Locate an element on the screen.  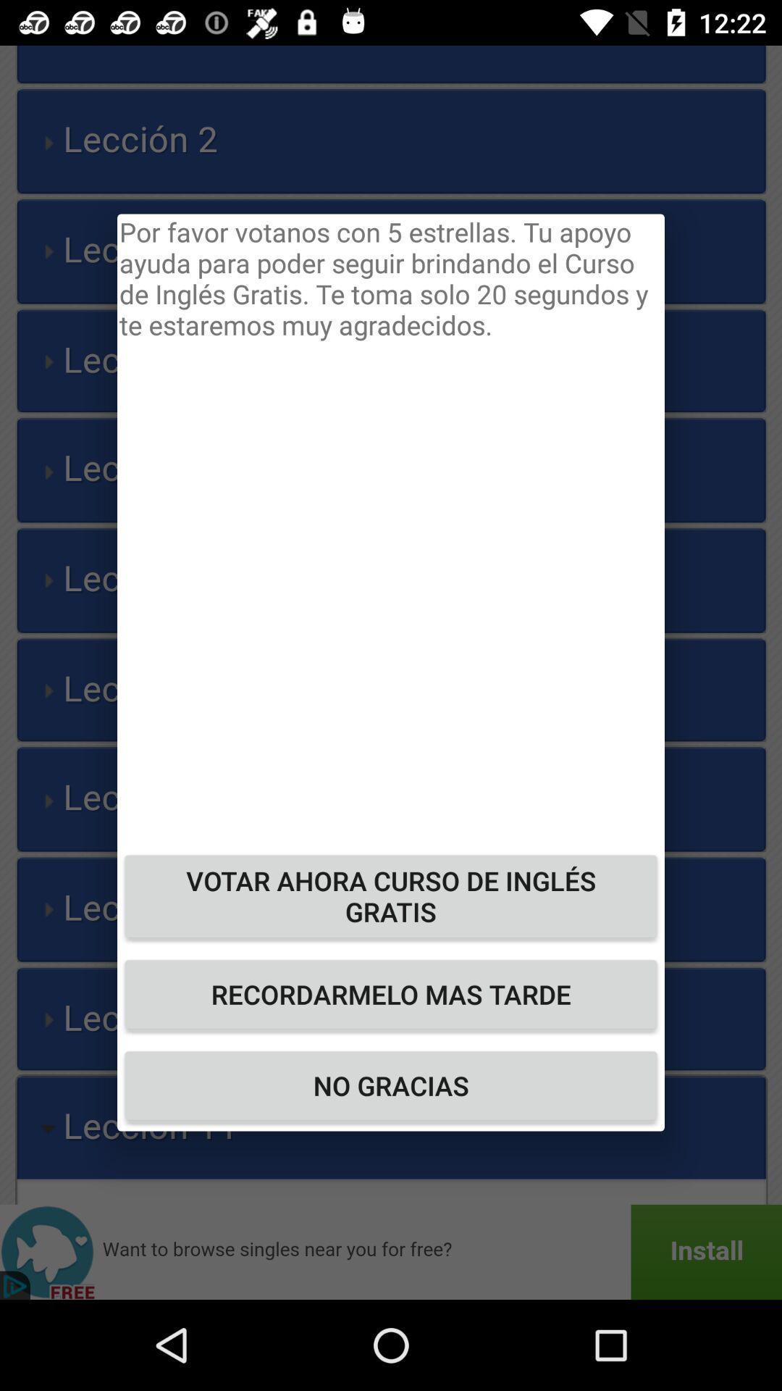
recordarmelo mas tarde icon is located at coordinates (391, 993).